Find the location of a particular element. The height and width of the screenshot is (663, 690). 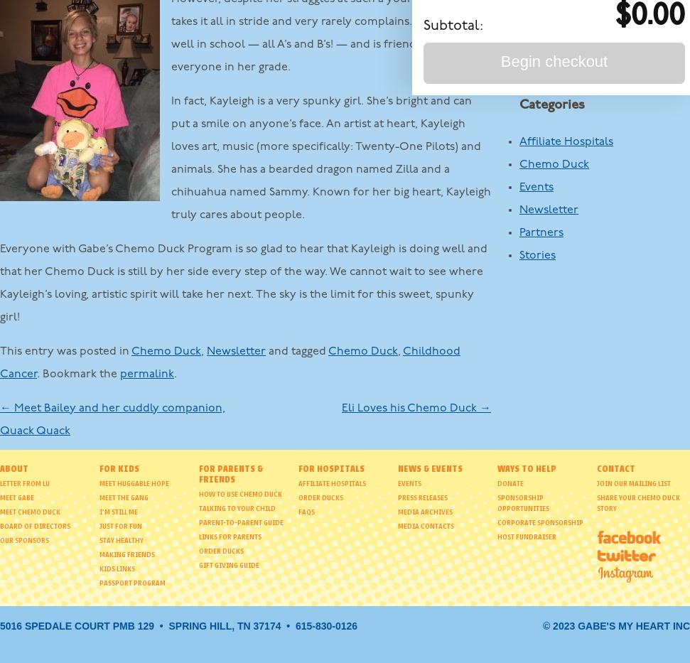

'Affiliate Hospitals' is located at coordinates (566, 141).